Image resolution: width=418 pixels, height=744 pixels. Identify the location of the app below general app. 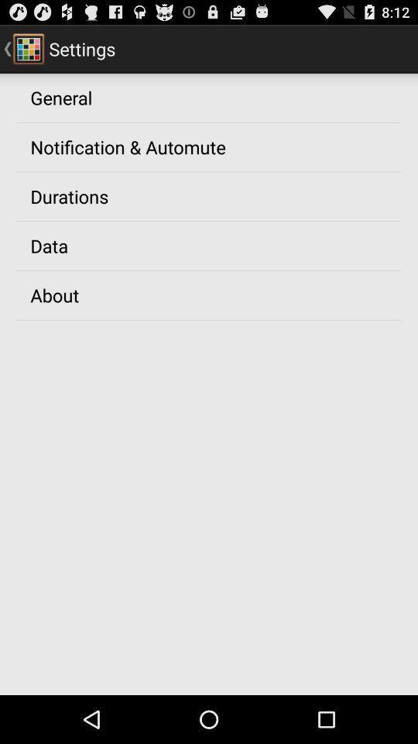
(127, 146).